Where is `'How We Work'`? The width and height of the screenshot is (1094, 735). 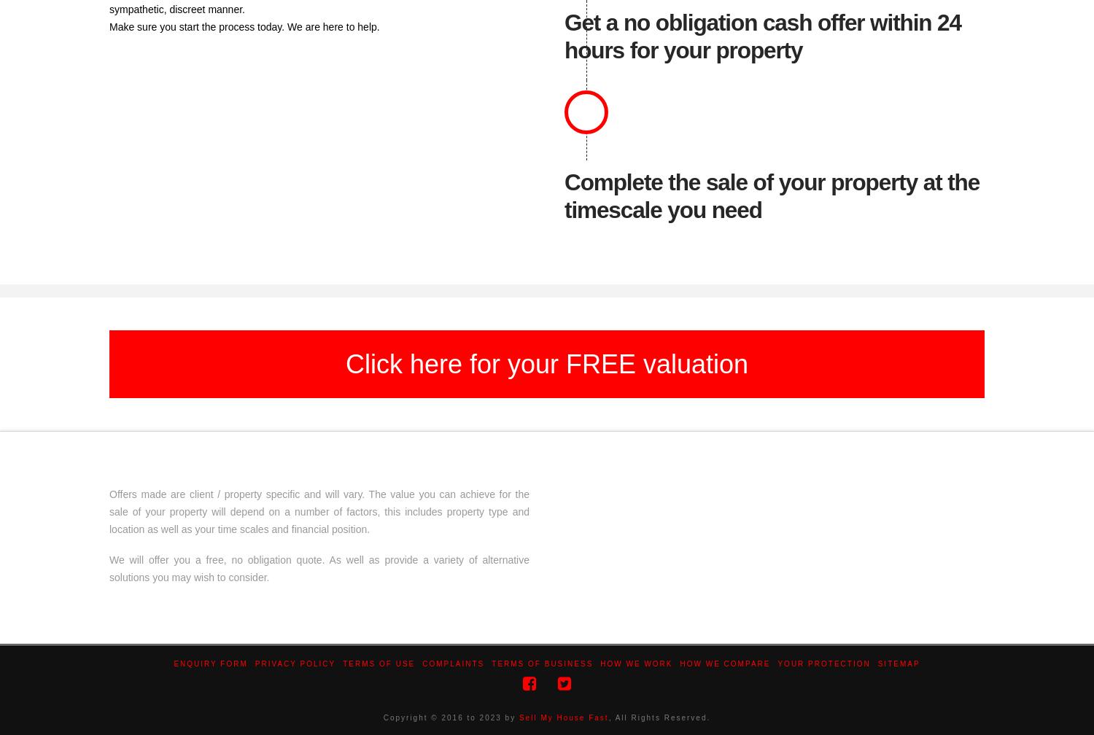 'How We Work' is located at coordinates (635, 664).